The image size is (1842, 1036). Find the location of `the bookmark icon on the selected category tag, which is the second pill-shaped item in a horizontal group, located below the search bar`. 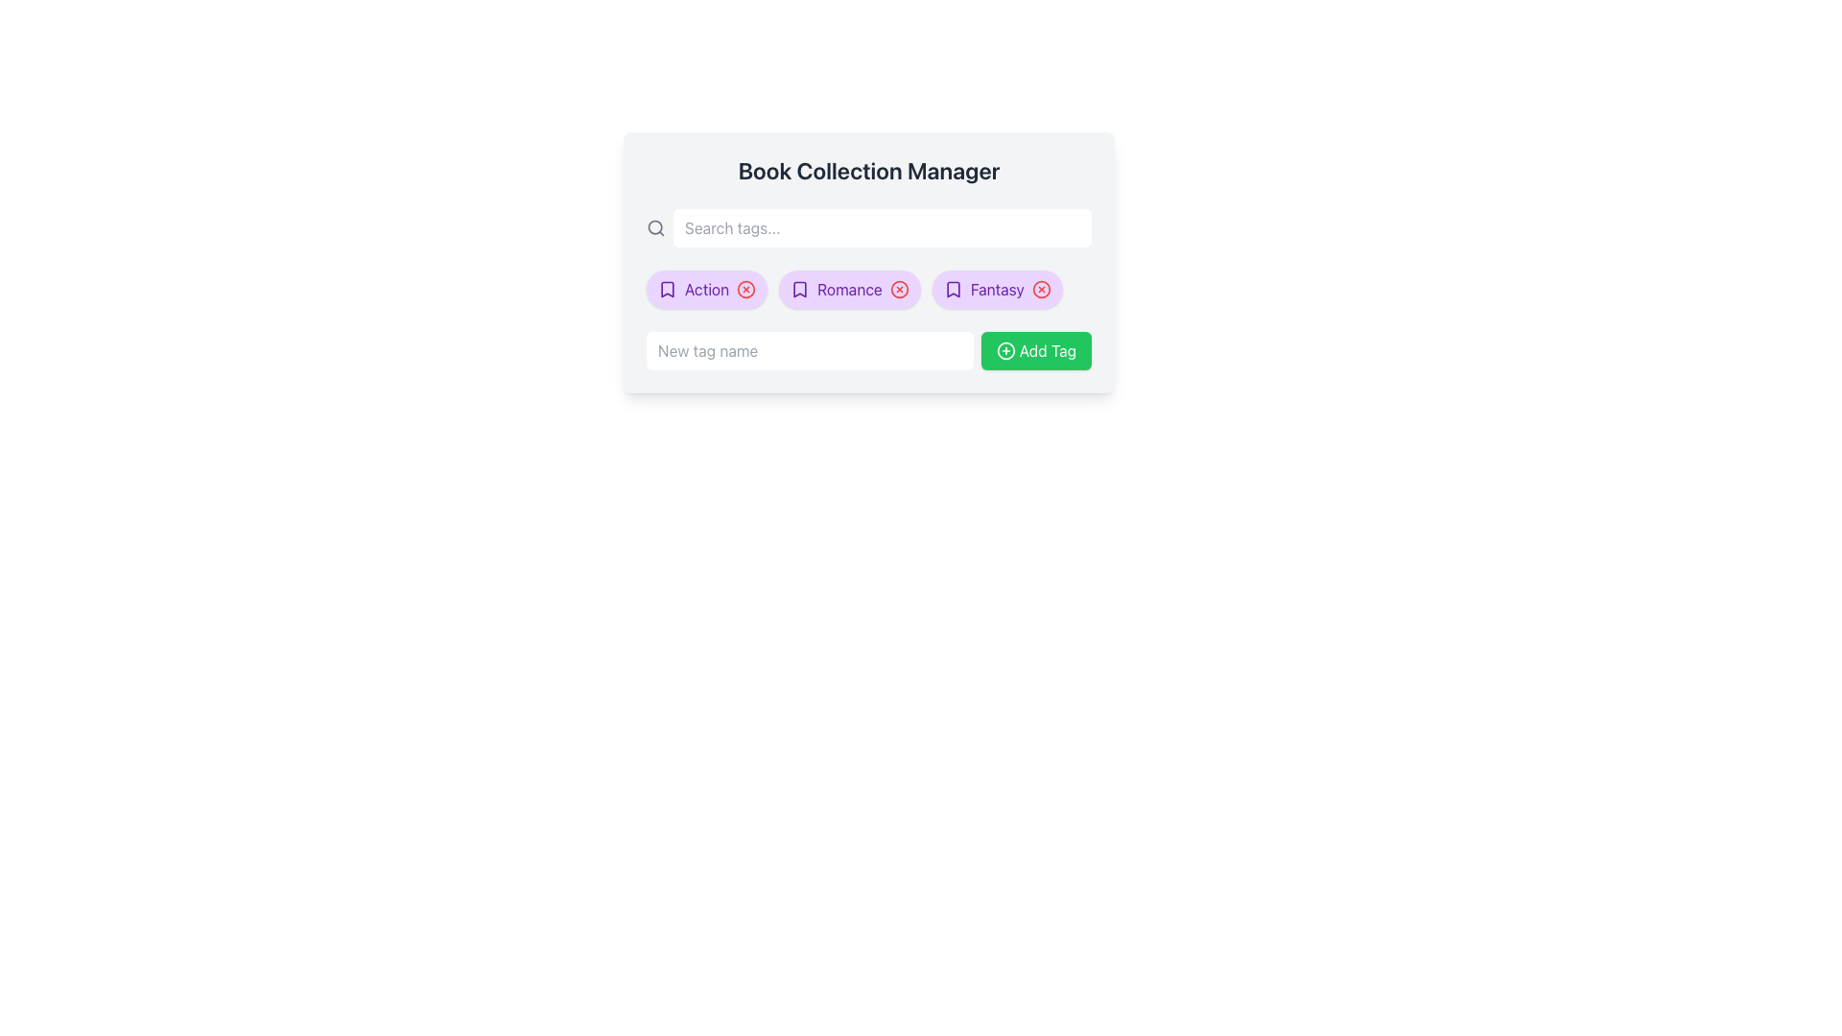

the bookmark icon on the selected category tag, which is the second pill-shaped item in a horizontal group, located below the search bar is located at coordinates (848, 289).